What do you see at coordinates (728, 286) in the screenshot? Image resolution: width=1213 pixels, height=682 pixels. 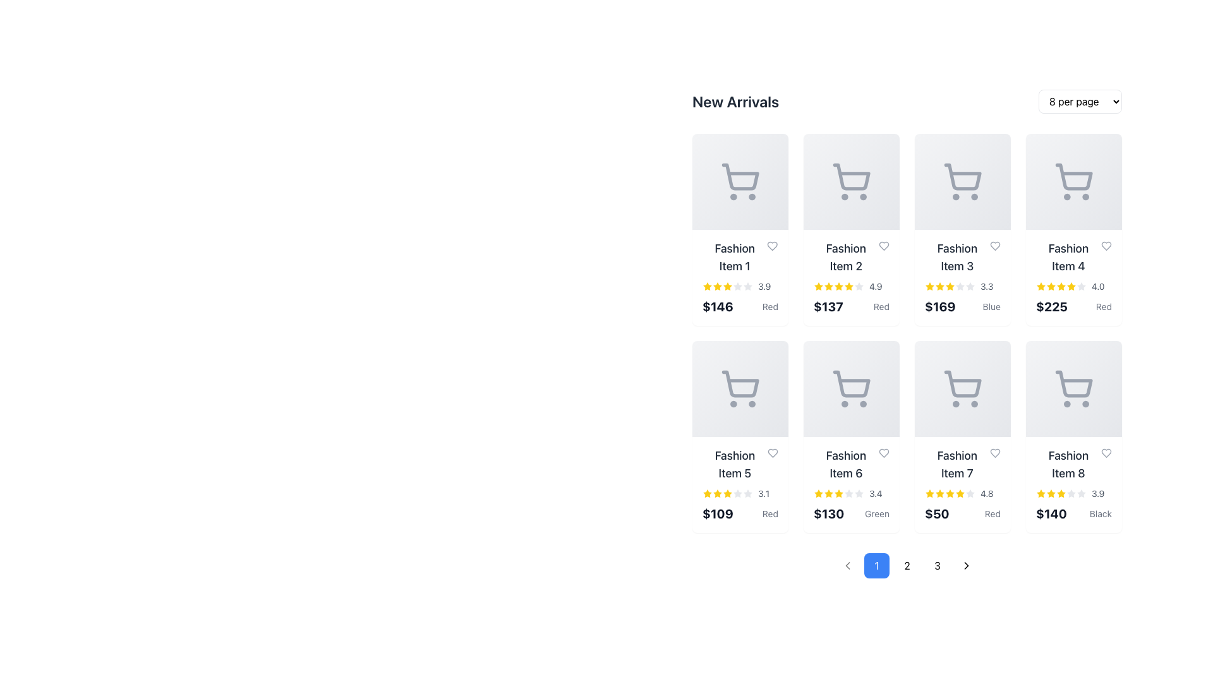 I see `the star-shaped icon with a yellow fill and hollow circular center, part of the star rating system, located under the product titled 'Fashion Item 1'` at bounding box center [728, 286].